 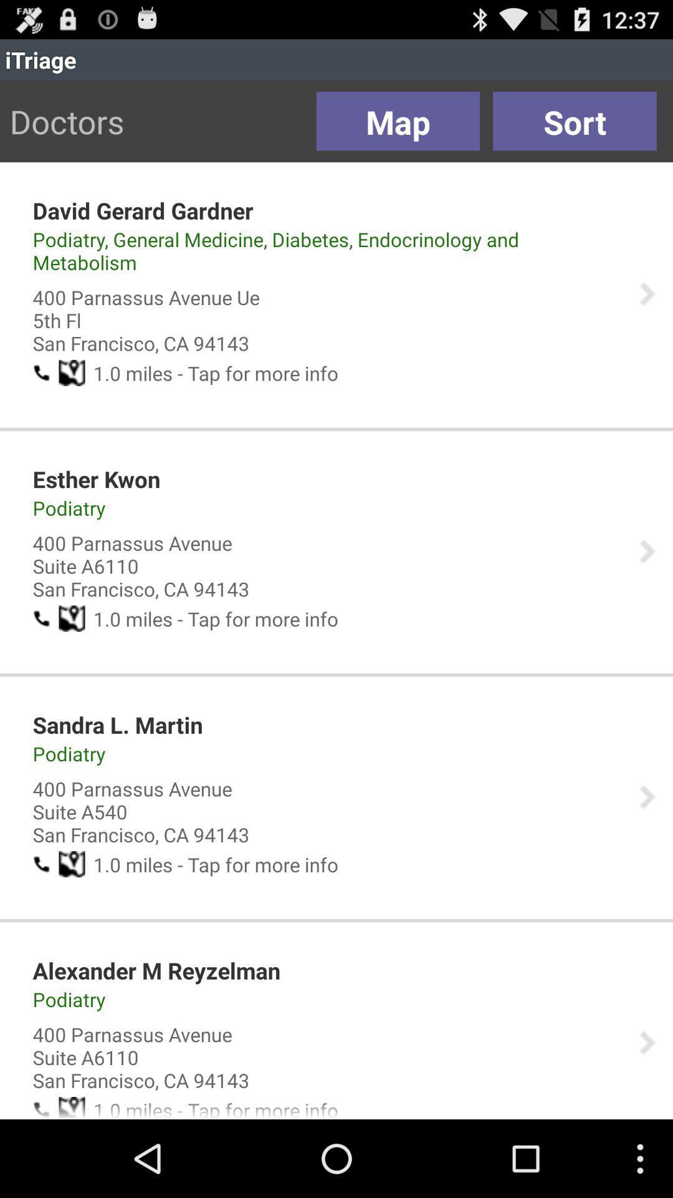 I want to click on the sandra l. martin icon, so click(x=118, y=724).